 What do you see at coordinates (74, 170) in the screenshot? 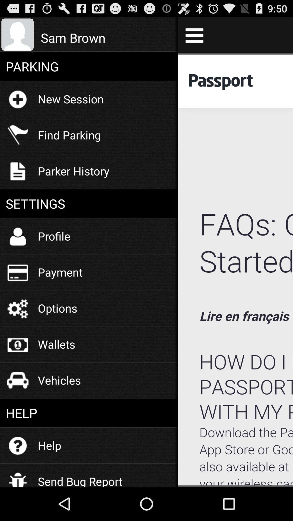
I see `the icon below find parking icon` at bounding box center [74, 170].